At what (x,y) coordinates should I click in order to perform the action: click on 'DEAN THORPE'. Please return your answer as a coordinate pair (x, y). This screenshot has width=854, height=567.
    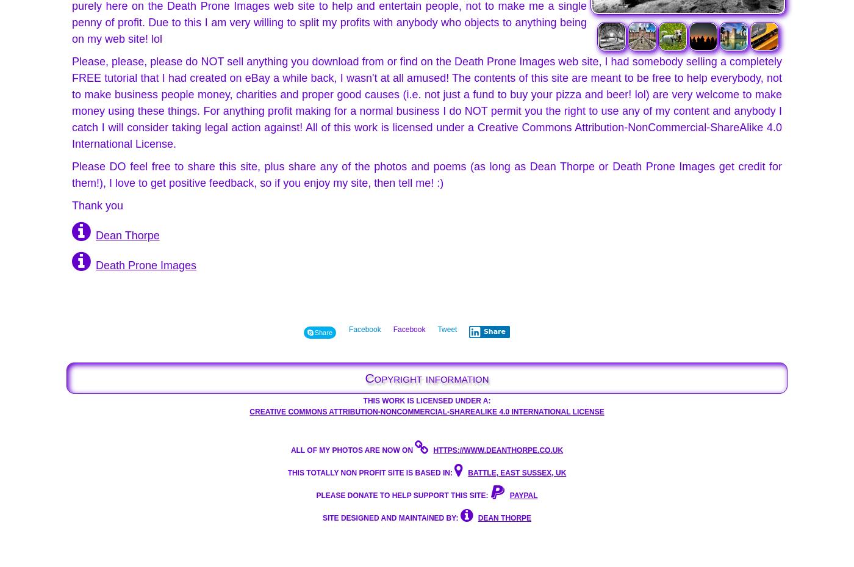
    Looking at the image, I should click on (504, 518).